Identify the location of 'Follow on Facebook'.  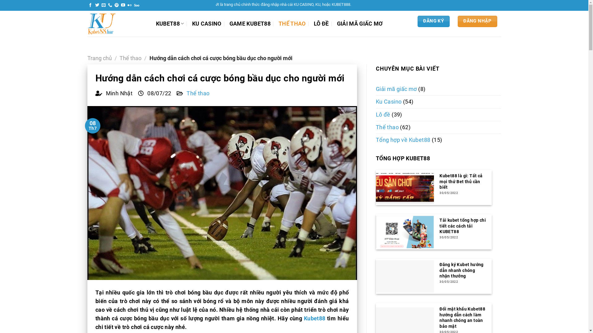
(90, 5).